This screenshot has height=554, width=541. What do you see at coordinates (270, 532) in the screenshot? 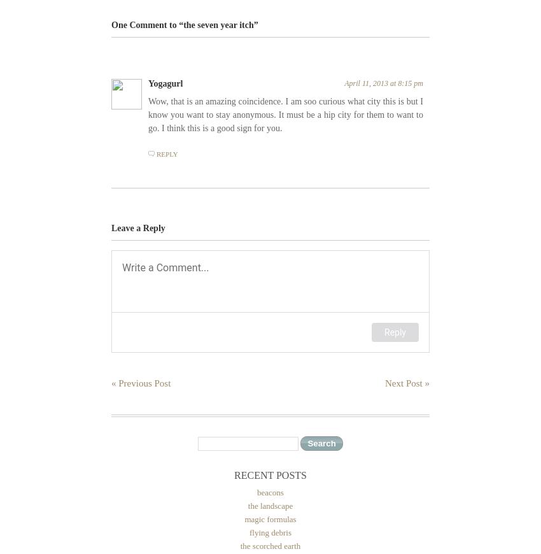
I see `'flying debris'` at bounding box center [270, 532].